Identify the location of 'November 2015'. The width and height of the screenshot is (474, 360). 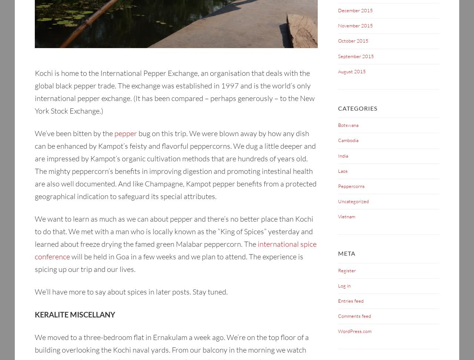
(355, 25).